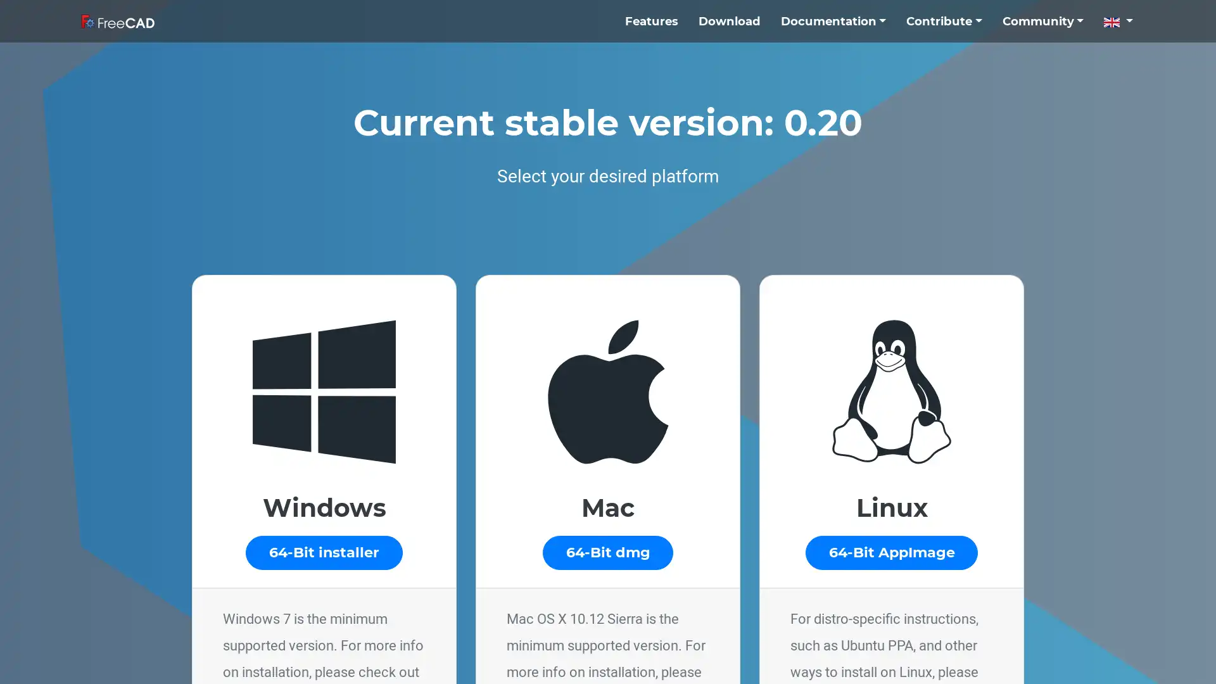 The height and width of the screenshot is (684, 1216). Describe the element at coordinates (607, 552) in the screenshot. I see `64-Bit dmg` at that location.